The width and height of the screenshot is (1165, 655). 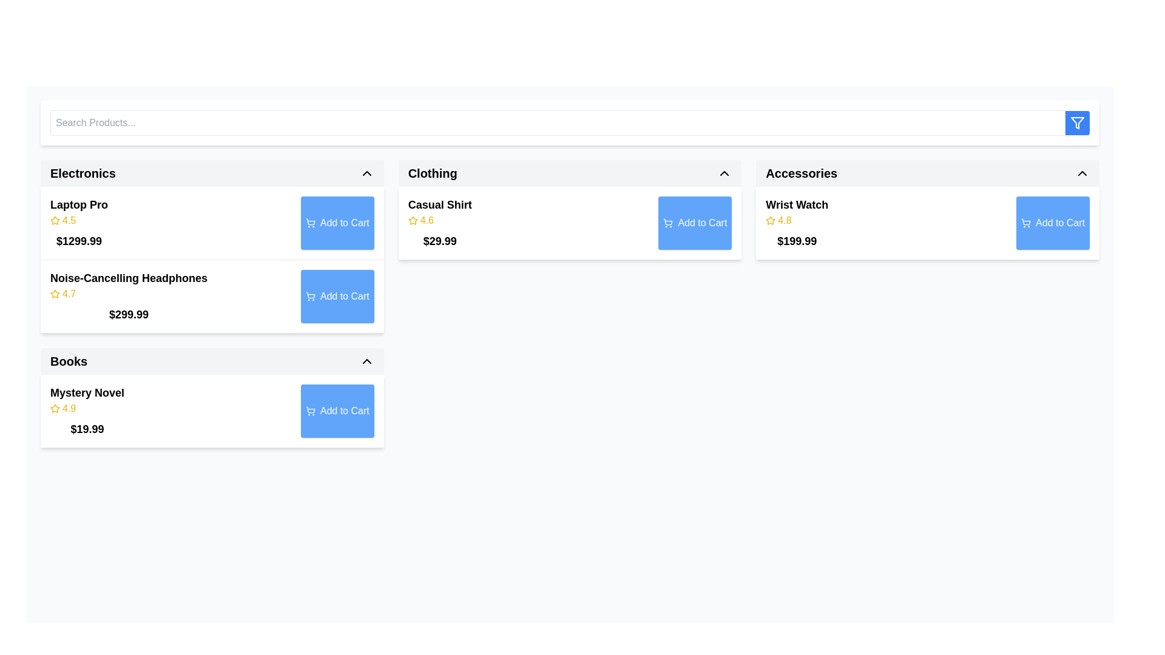 I want to click on the rating display indicator for the 'Mystery Novel' item, which shows a star and the rating number '4.9' located beneath its title and above the price, so click(x=87, y=409).